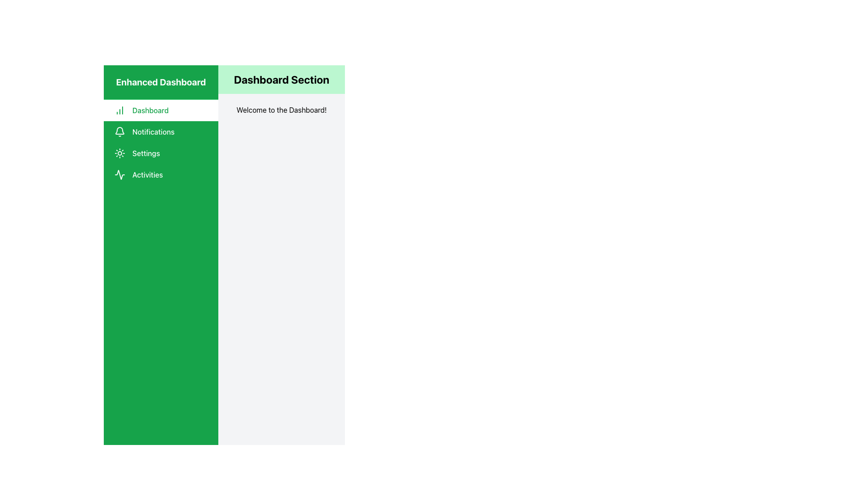 This screenshot has width=859, height=483. I want to click on the bell icon representing the notification feature, which is styled with a green background and is located to the left of the text label 'Notifications', so click(119, 131).